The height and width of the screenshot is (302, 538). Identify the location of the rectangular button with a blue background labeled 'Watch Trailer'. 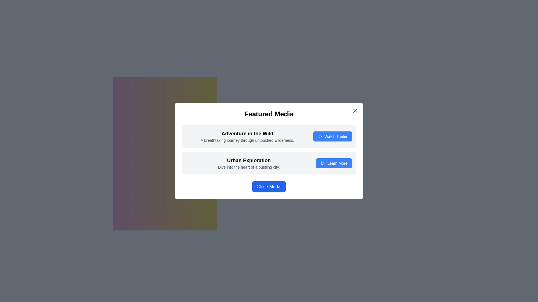
(332, 136).